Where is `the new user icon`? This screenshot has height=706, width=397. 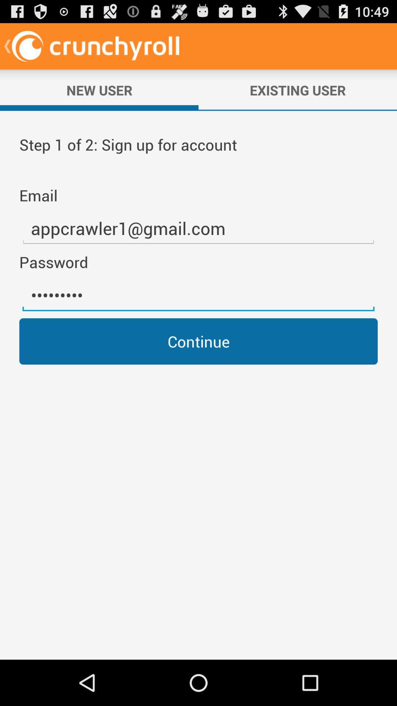 the new user icon is located at coordinates (99, 90).